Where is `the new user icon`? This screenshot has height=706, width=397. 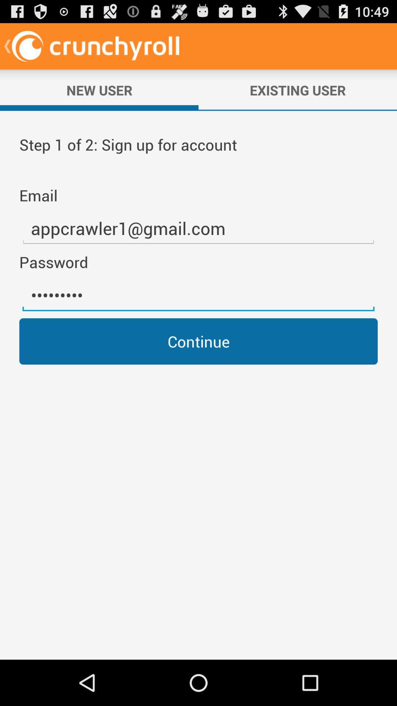 the new user icon is located at coordinates (99, 90).